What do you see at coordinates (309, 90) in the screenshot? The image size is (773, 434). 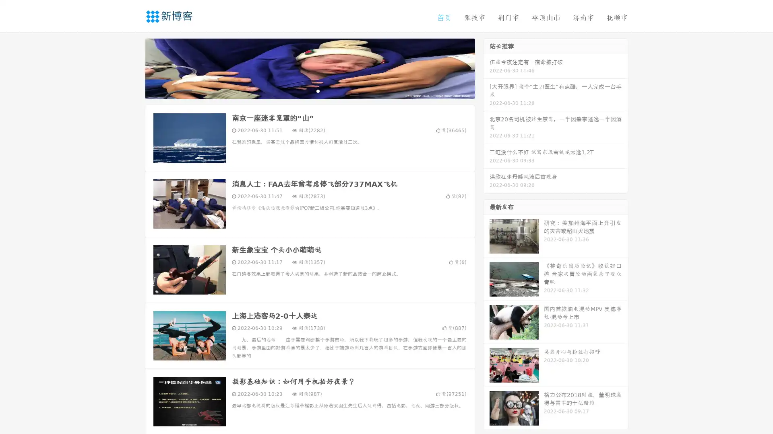 I see `Go to slide 2` at bounding box center [309, 90].